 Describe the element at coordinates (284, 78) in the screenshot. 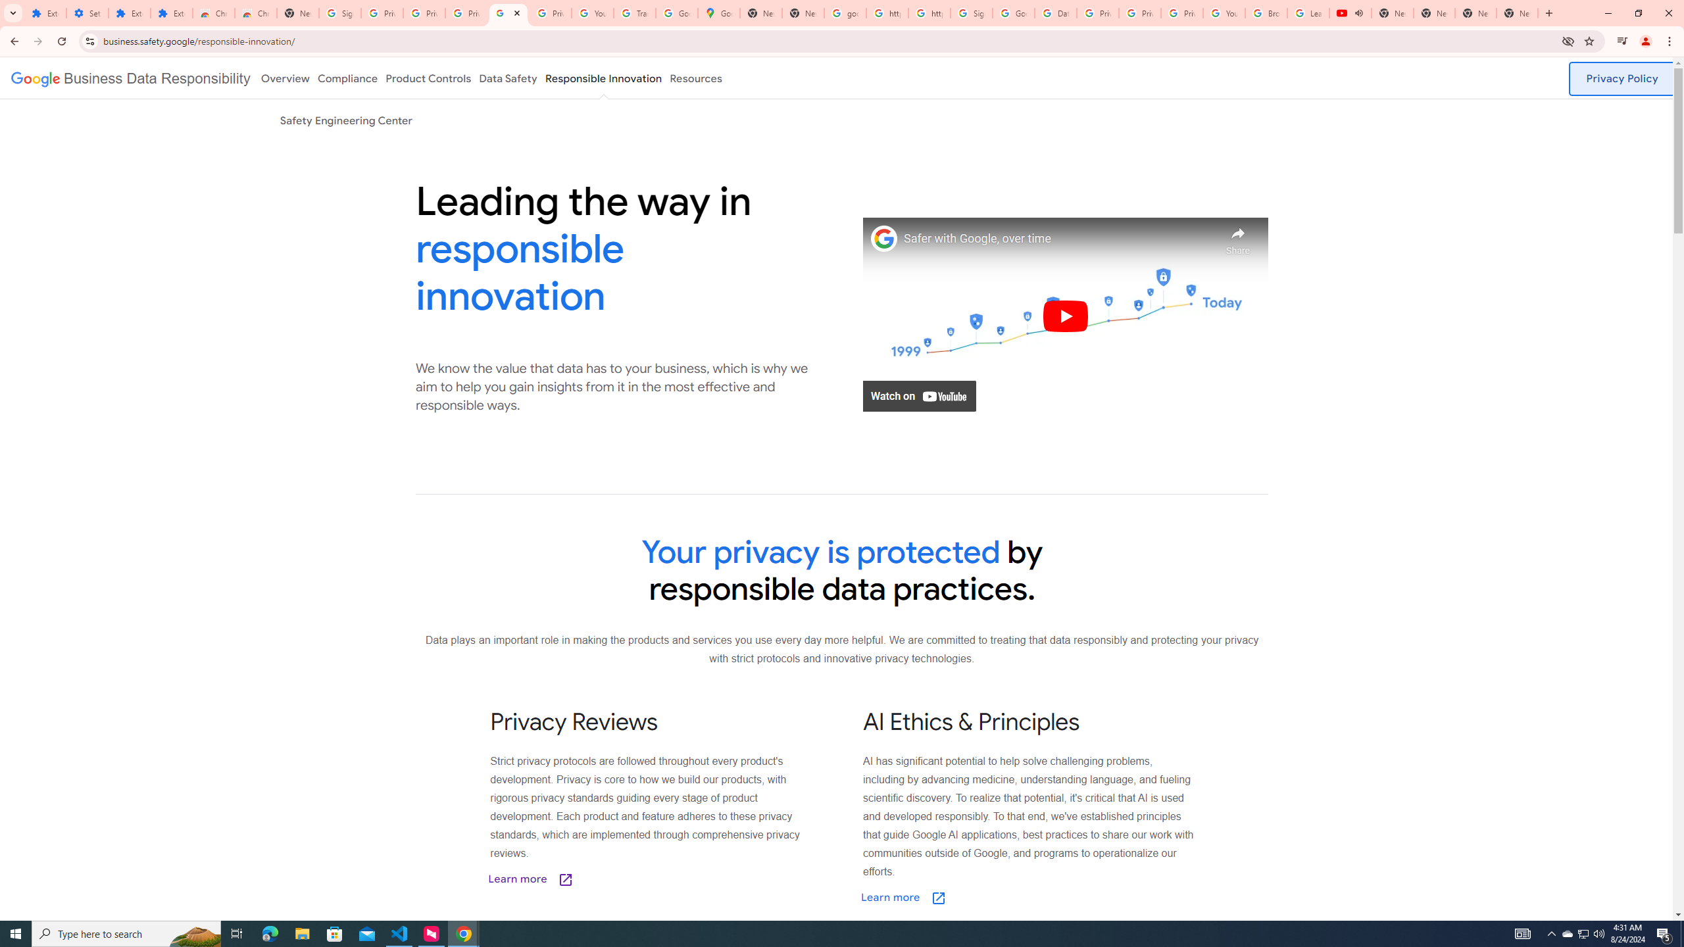

I see `'Overview'` at that location.